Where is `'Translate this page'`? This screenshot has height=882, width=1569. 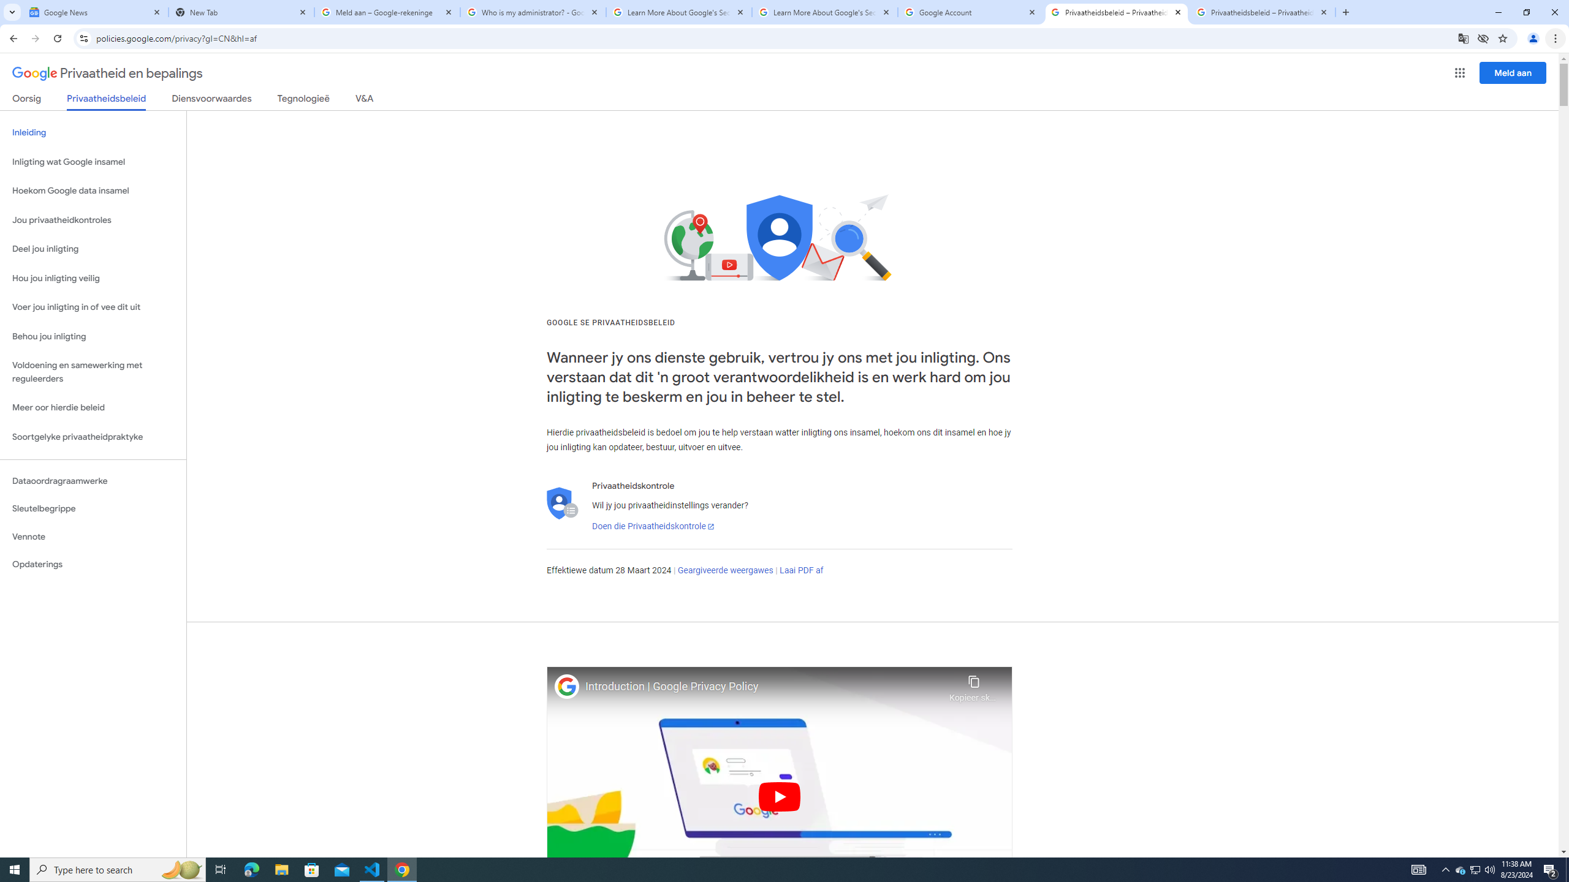 'Translate this page' is located at coordinates (1464, 37).